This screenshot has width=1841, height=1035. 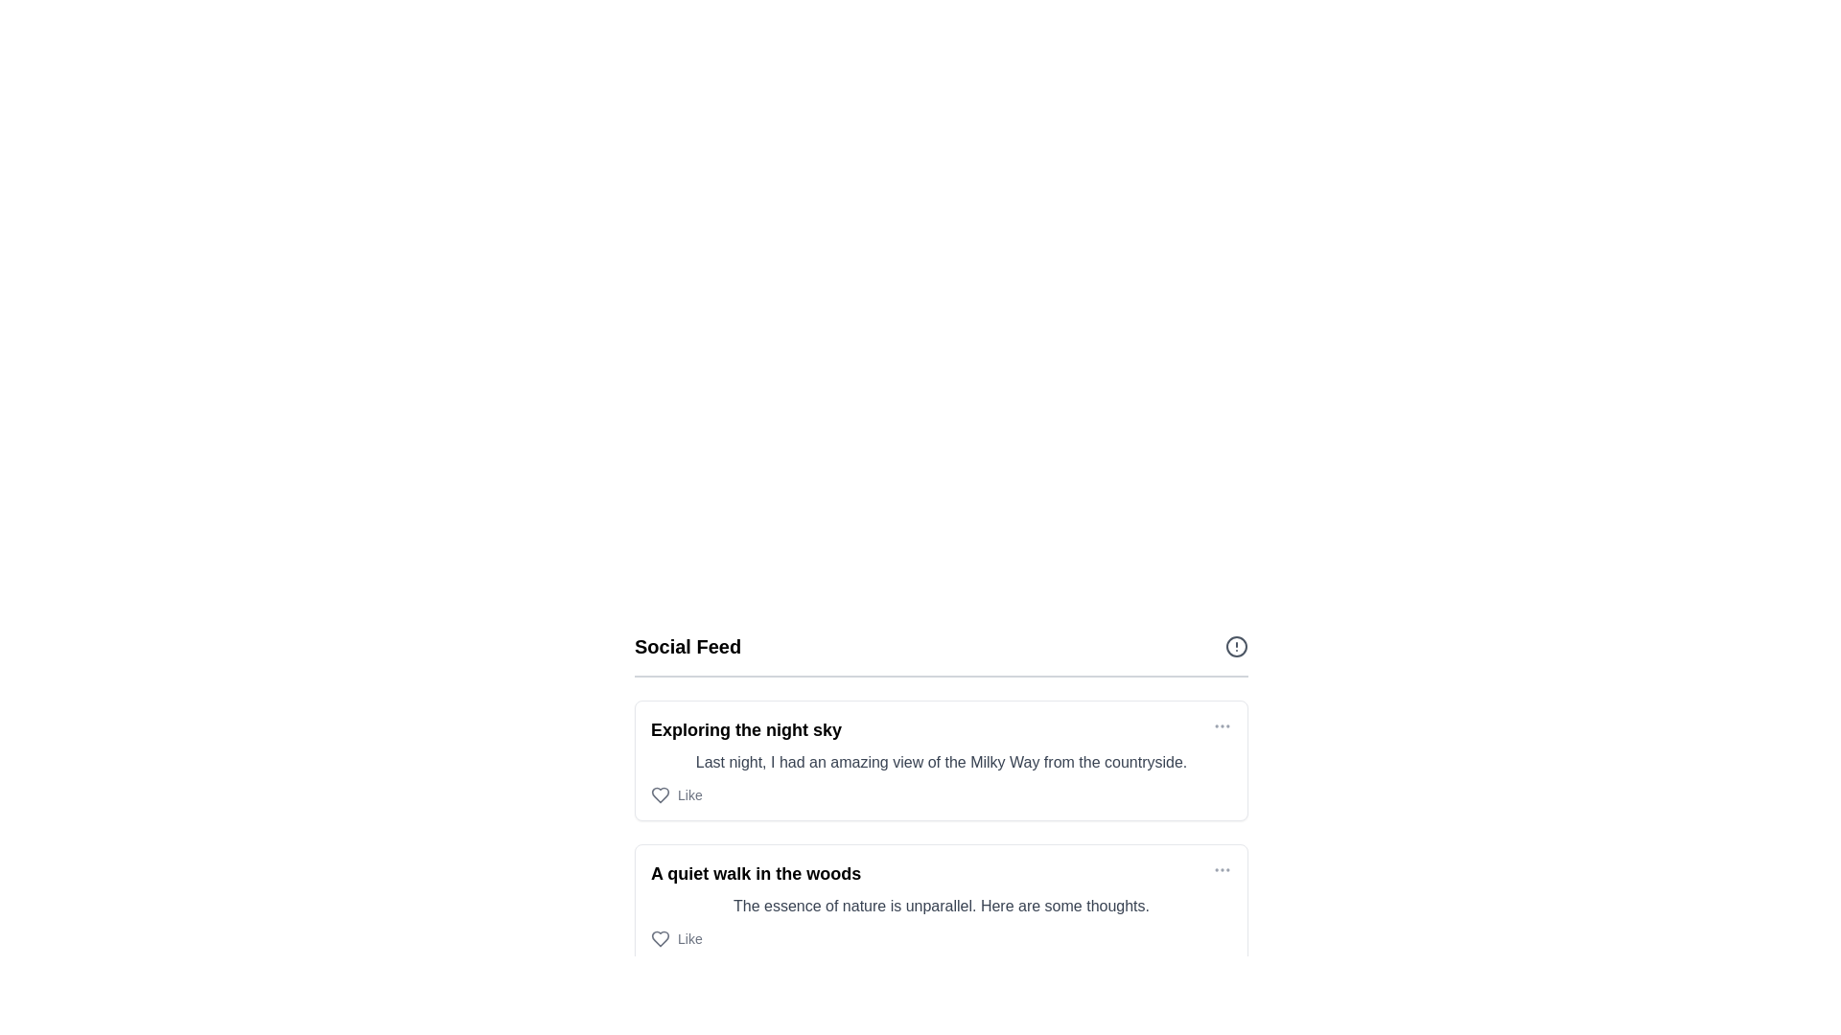 I want to click on the circular alert icon located at the far right of the 'Social Feed' section header, which is styled in gray with a minimalist outline design, so click(x=1237, y=647).